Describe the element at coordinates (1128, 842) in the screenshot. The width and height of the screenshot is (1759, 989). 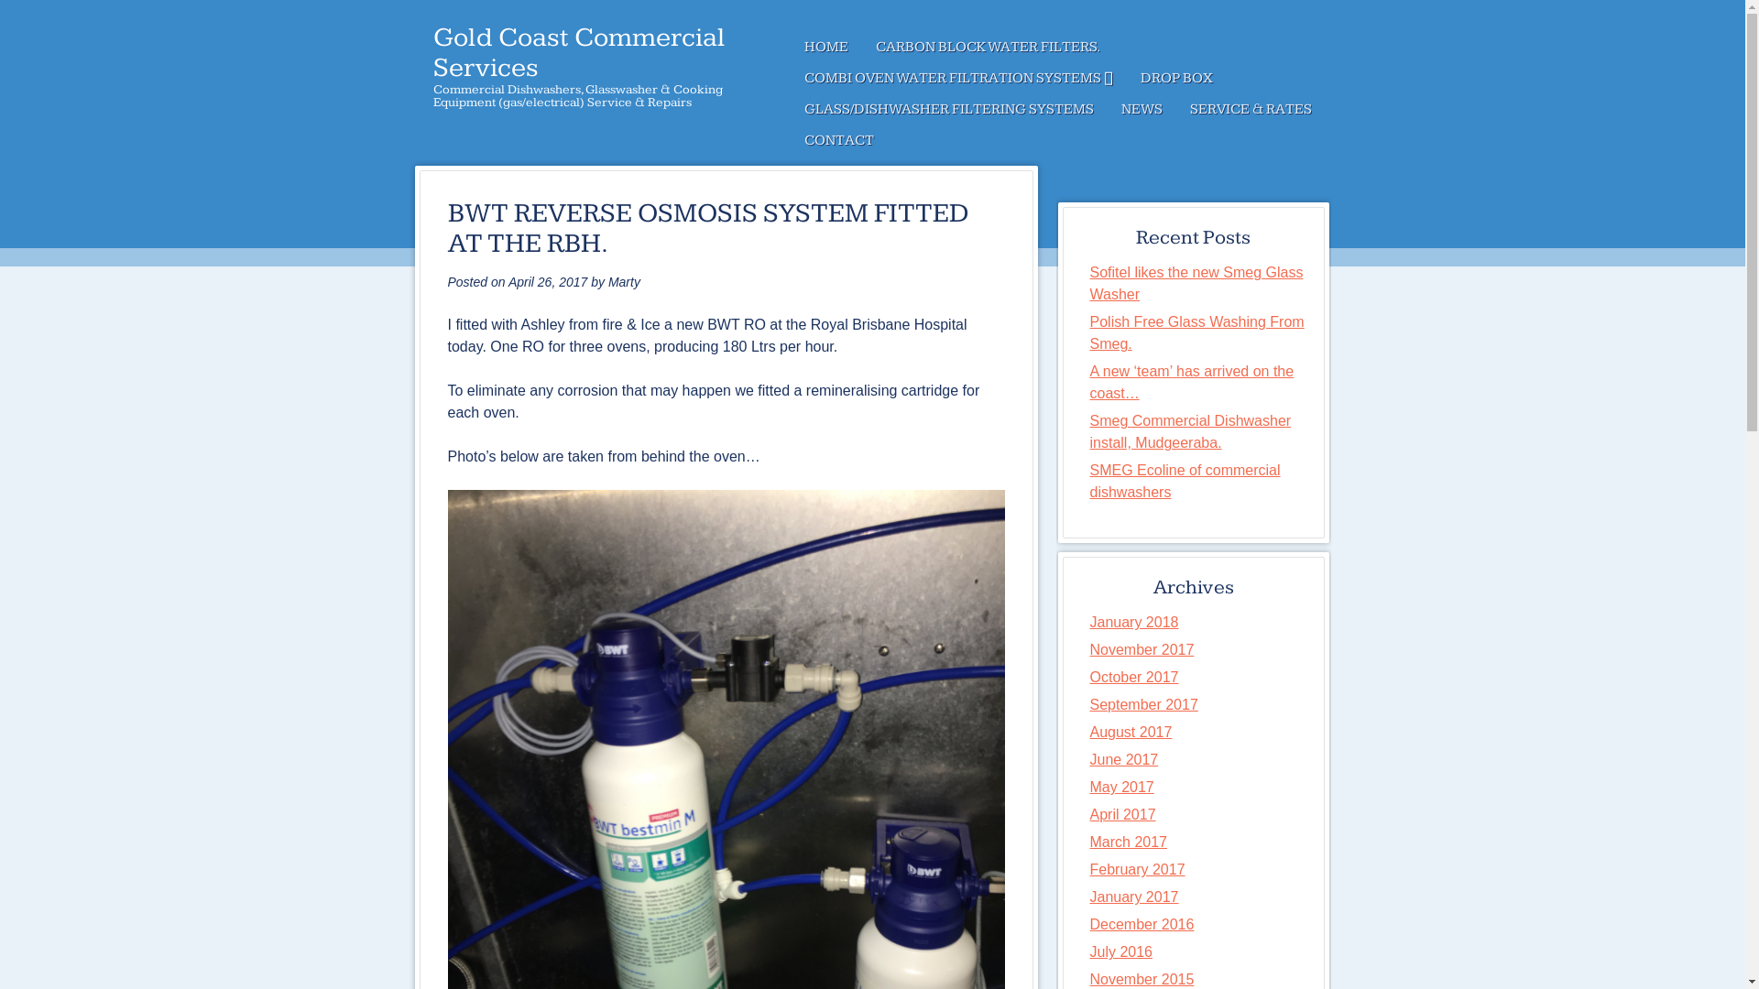
I see `'March 2017'` at that location.